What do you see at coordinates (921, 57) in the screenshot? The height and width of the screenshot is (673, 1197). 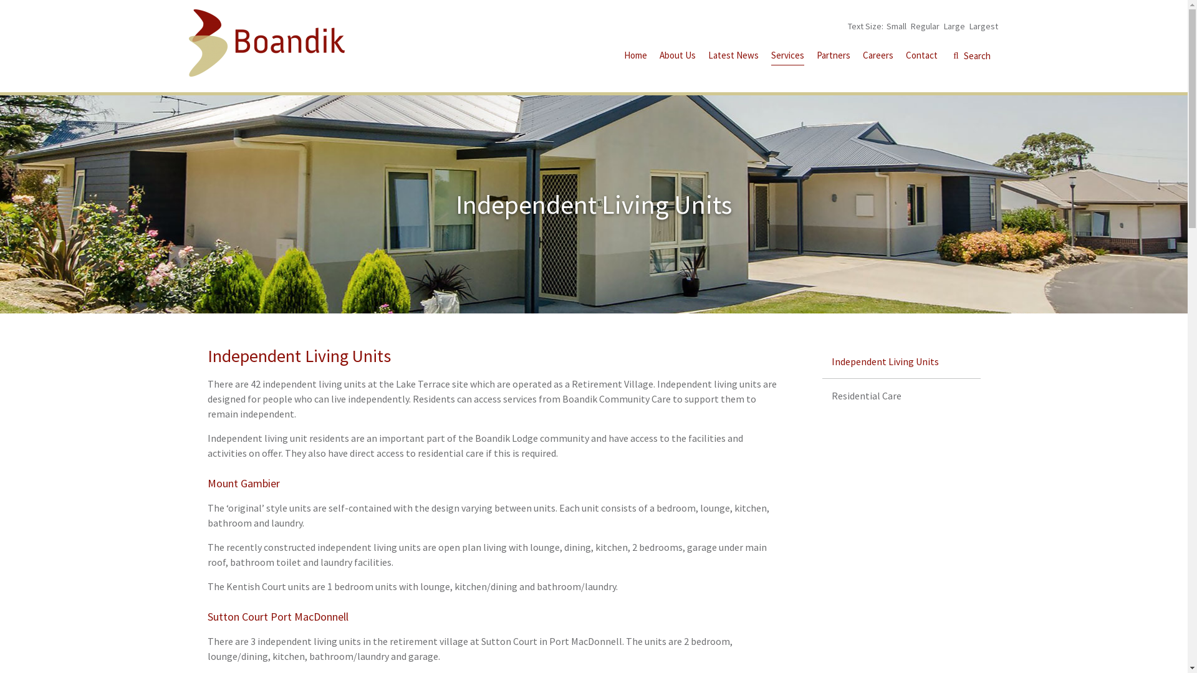 I see `'Contact'` at bounding box center [921, 57].